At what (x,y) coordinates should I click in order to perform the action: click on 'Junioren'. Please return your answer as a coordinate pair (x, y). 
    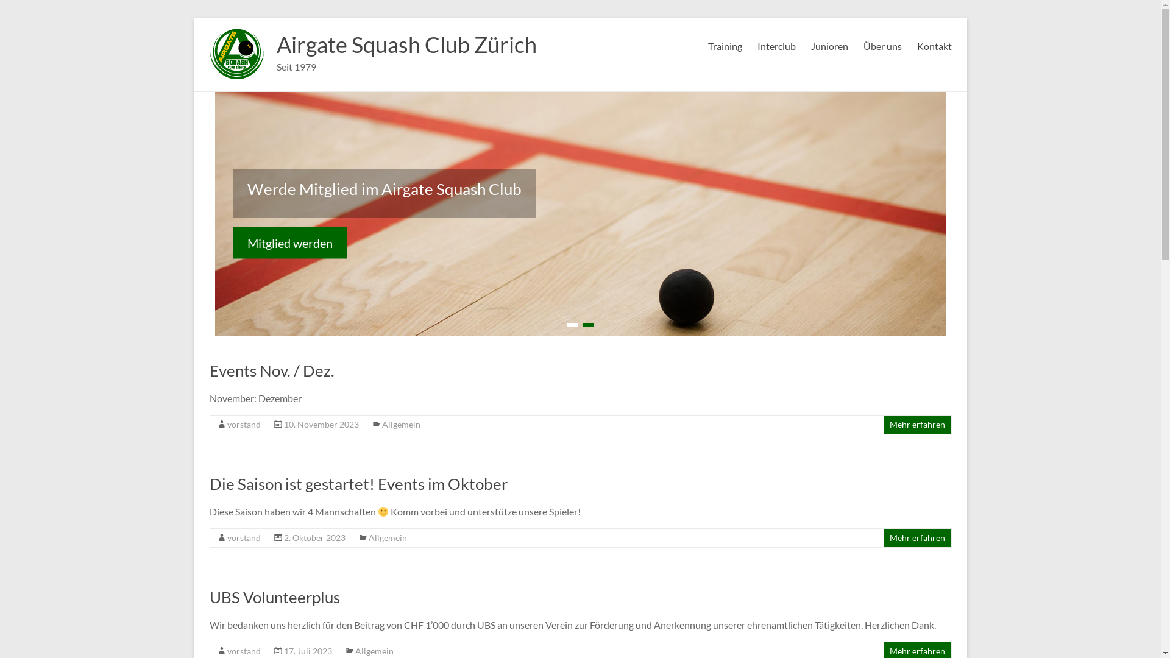
    Looking at the image, I should click on (829, 44).